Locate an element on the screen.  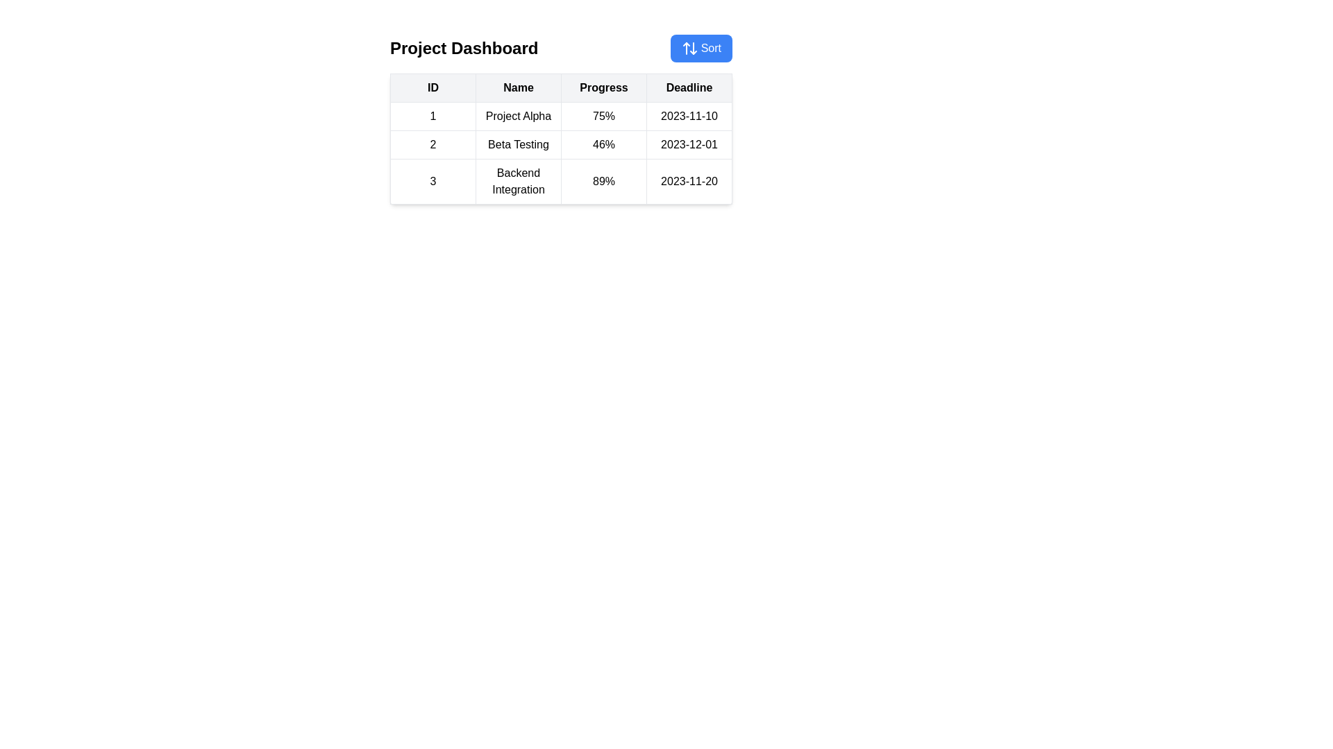
the second row of the table that contains the project labeled '2' with the name 'Beta Testing', progress '46%', and deadline '2023-12-01' is located at coordinates (561, 153).